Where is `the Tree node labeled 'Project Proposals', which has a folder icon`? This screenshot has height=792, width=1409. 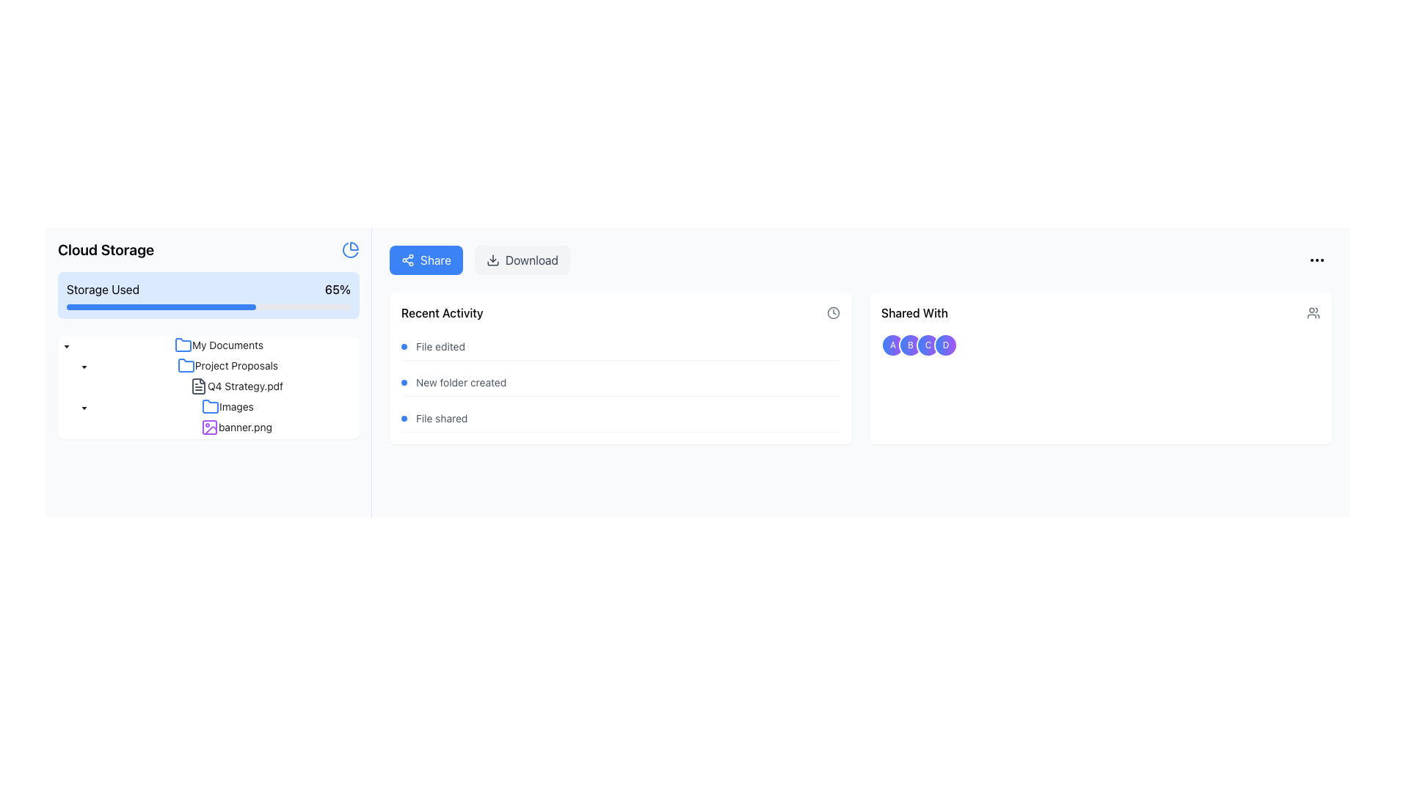 the Tree node labeled 'Project Proposals', which has a folder icon is located at coordinates (227, 364).